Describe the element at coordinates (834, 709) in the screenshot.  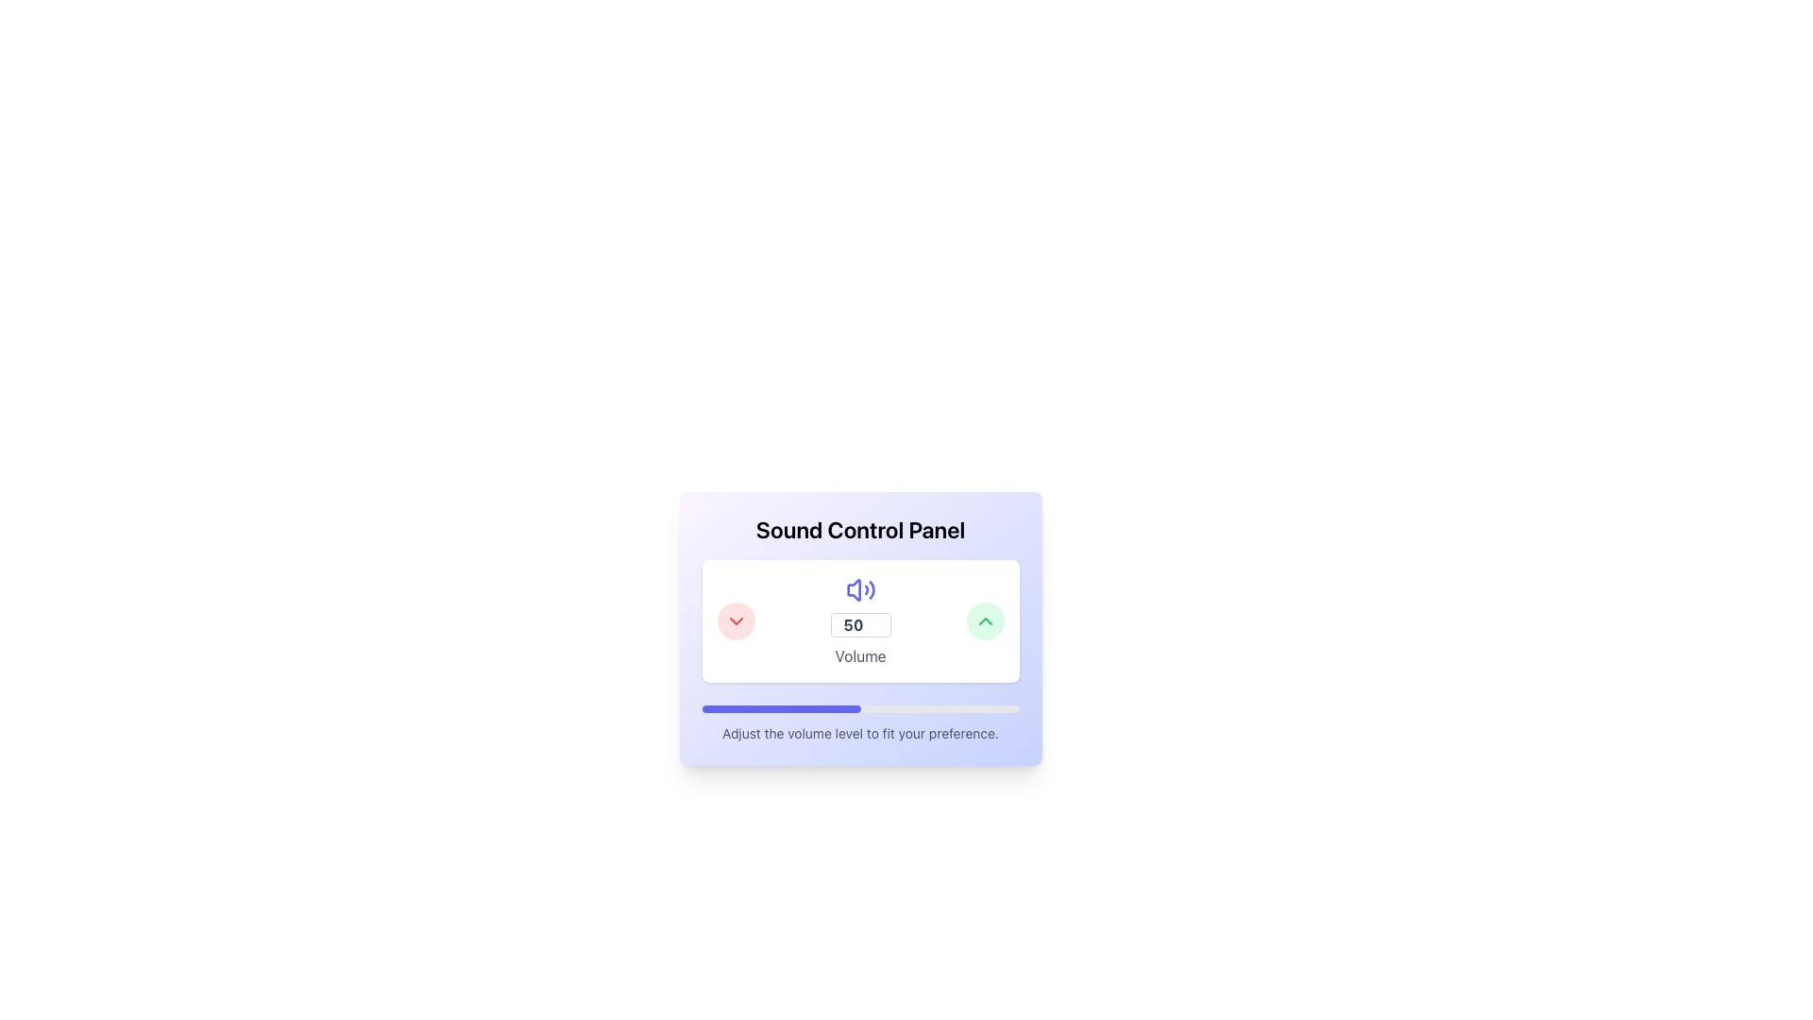
I see `the volume` at that location.